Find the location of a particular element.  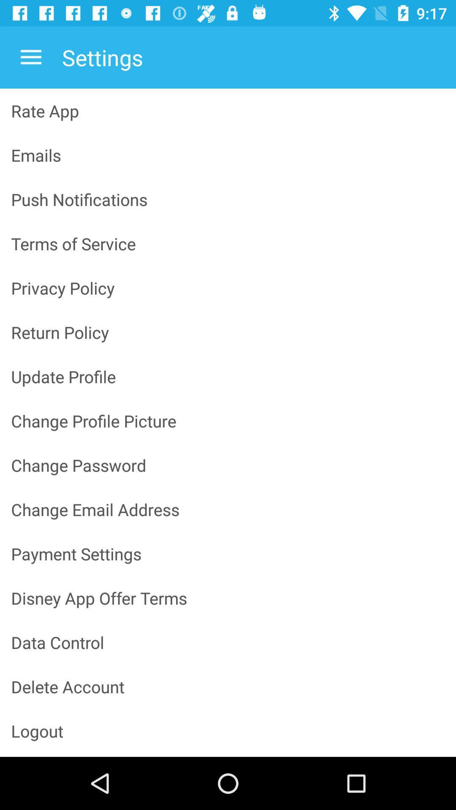

icon below emails is located at coordinates (228, 199).